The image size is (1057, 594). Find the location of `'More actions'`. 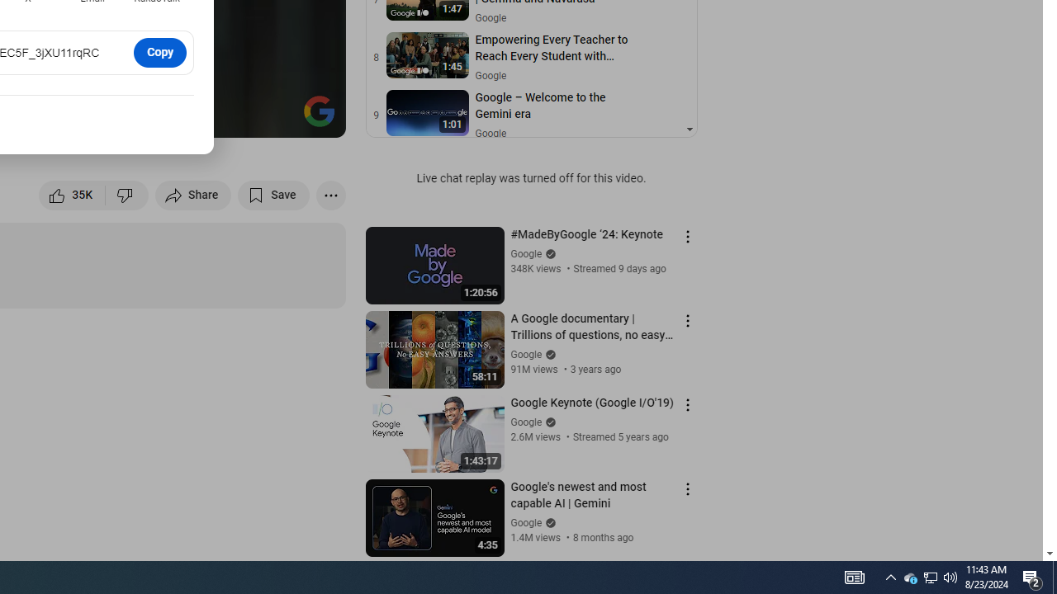

'More actions' is located at coordinates (330, 194).